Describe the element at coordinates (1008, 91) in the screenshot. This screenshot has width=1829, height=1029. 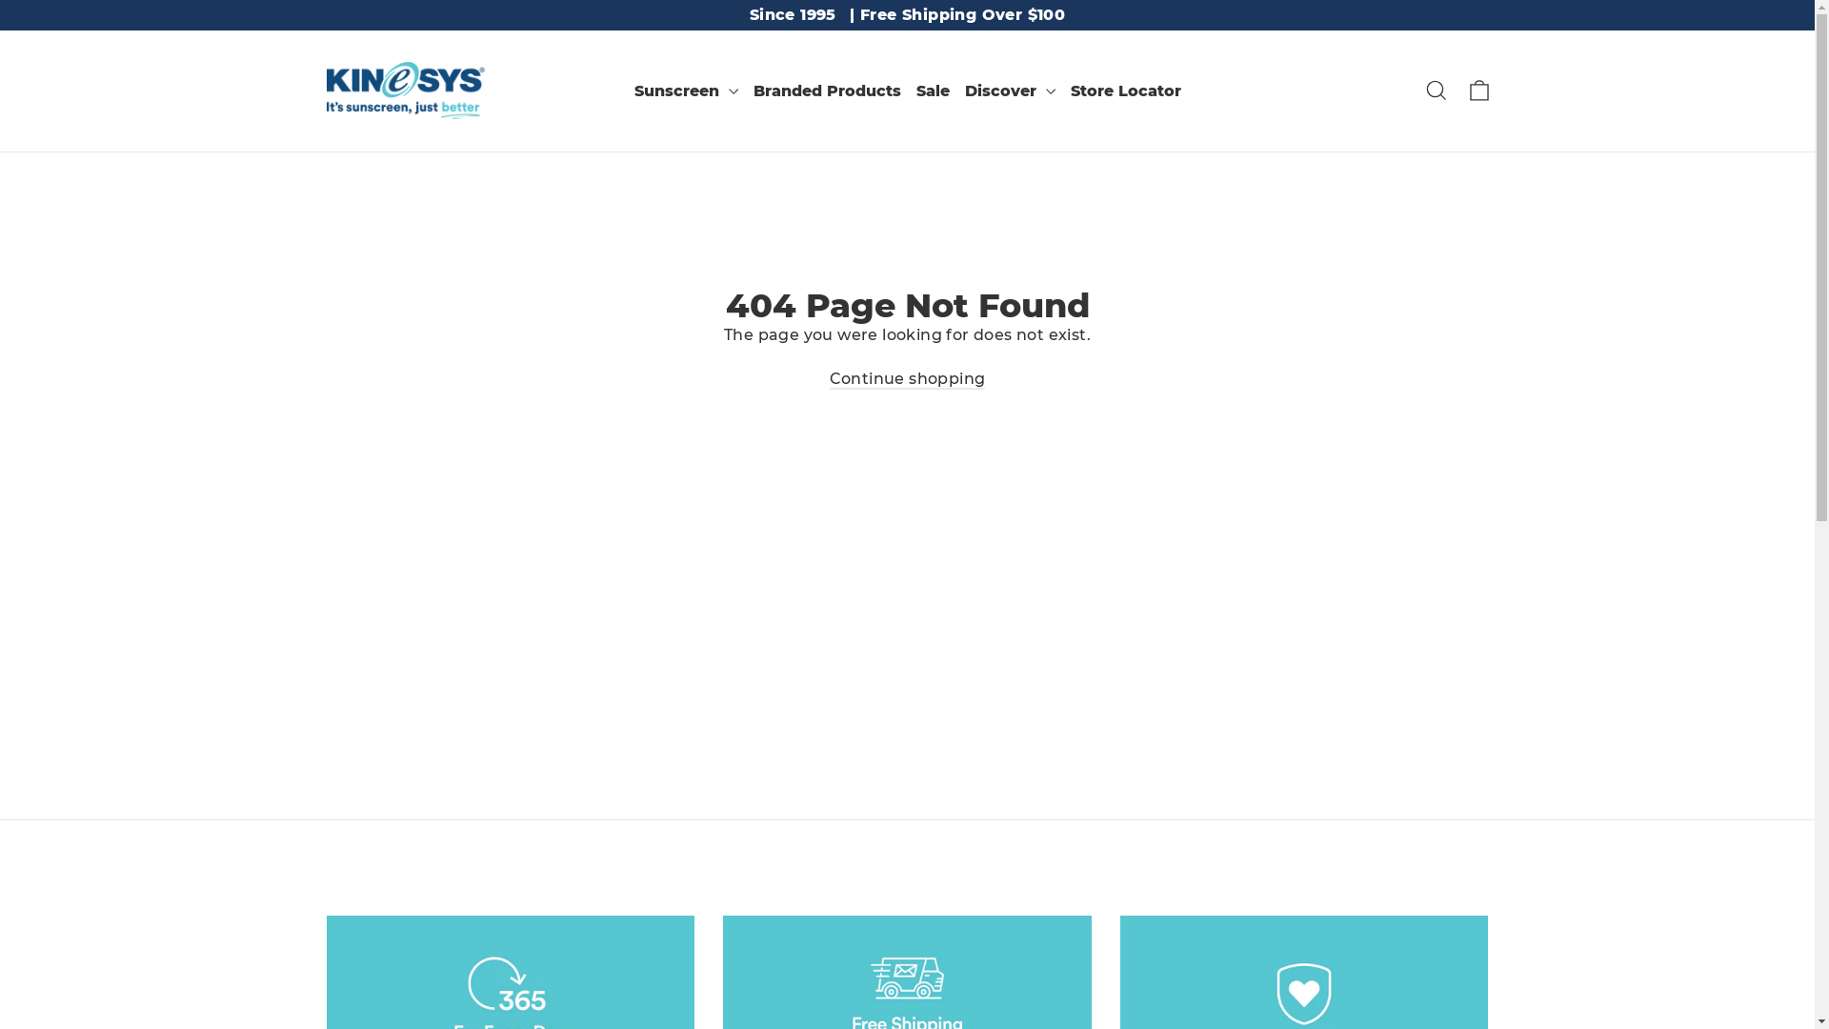
I see `'Discover'` at that location.